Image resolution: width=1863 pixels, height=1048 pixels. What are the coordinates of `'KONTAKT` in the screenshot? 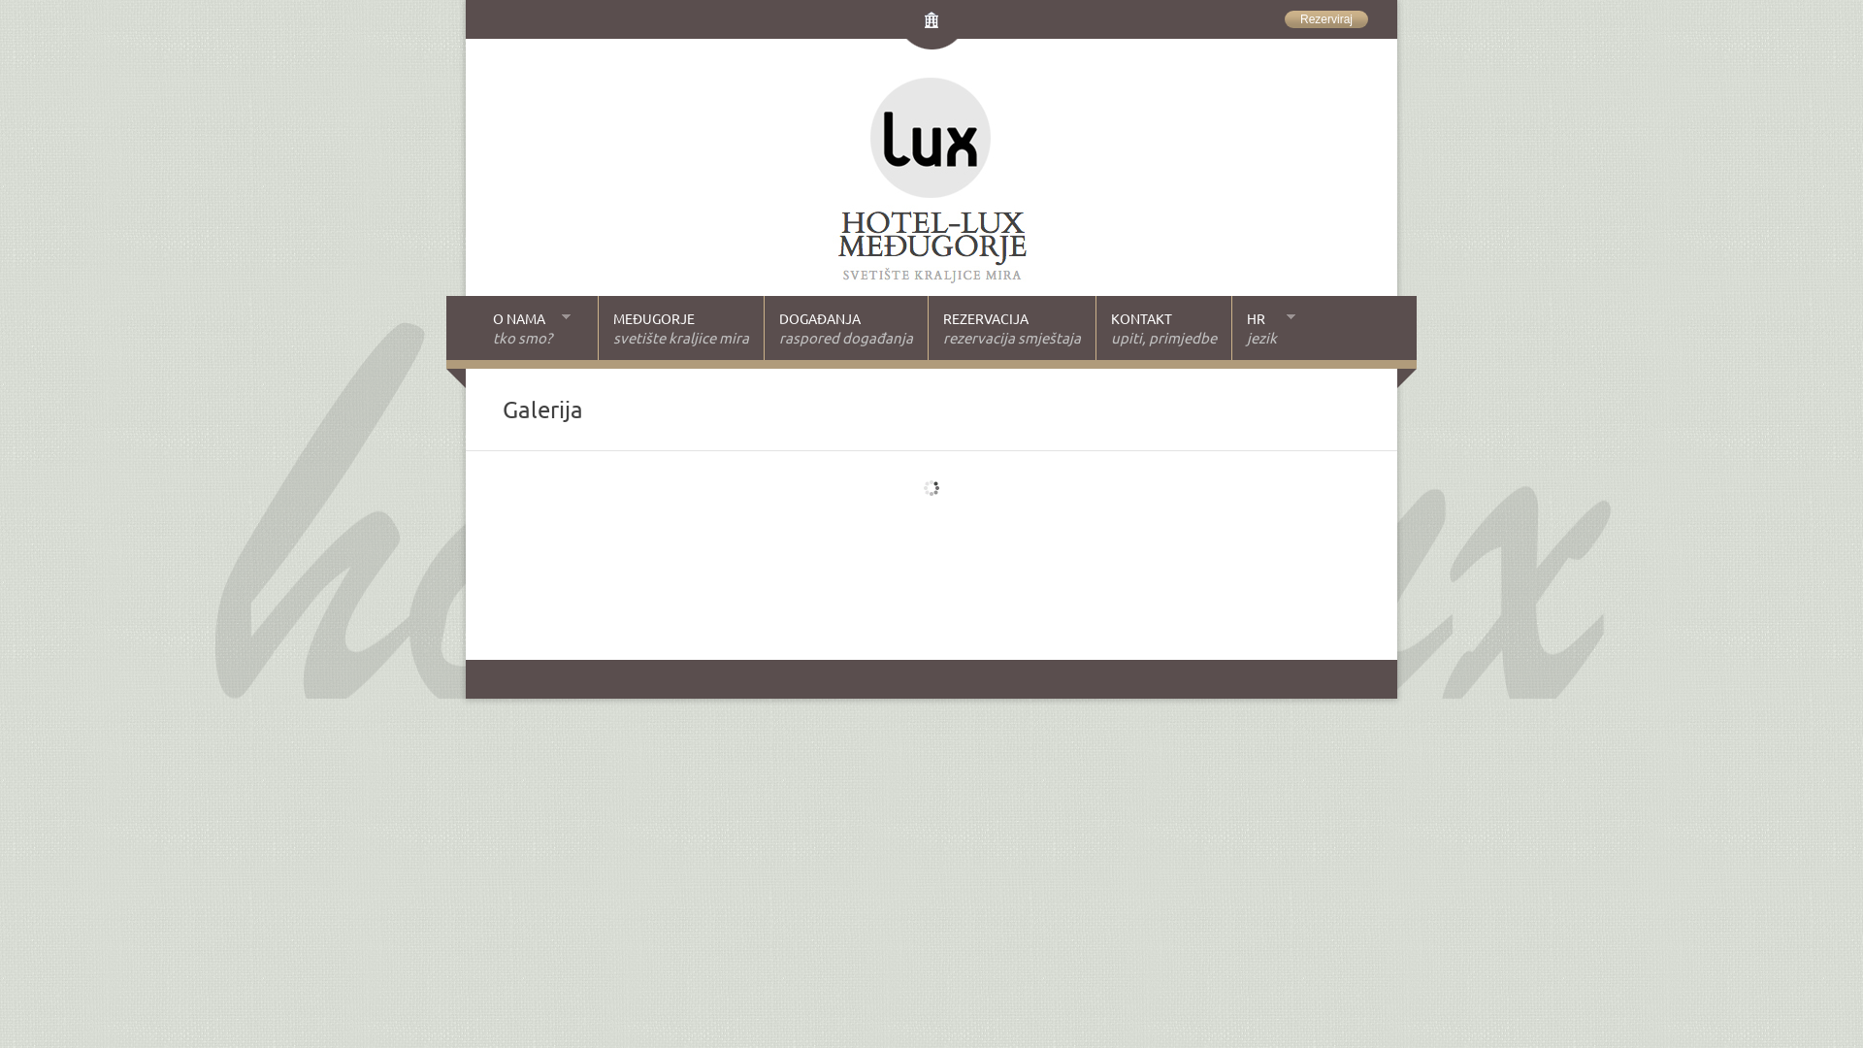 It's located at (1162, 327).